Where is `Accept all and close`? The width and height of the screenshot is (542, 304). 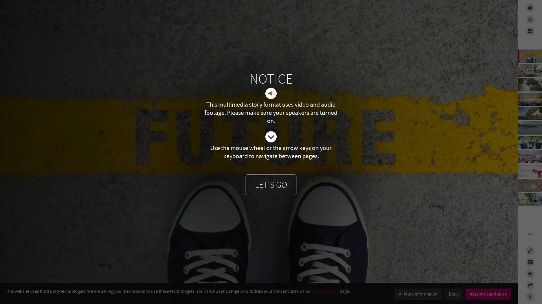
Accept all and close is located at coordinates (488, 294).